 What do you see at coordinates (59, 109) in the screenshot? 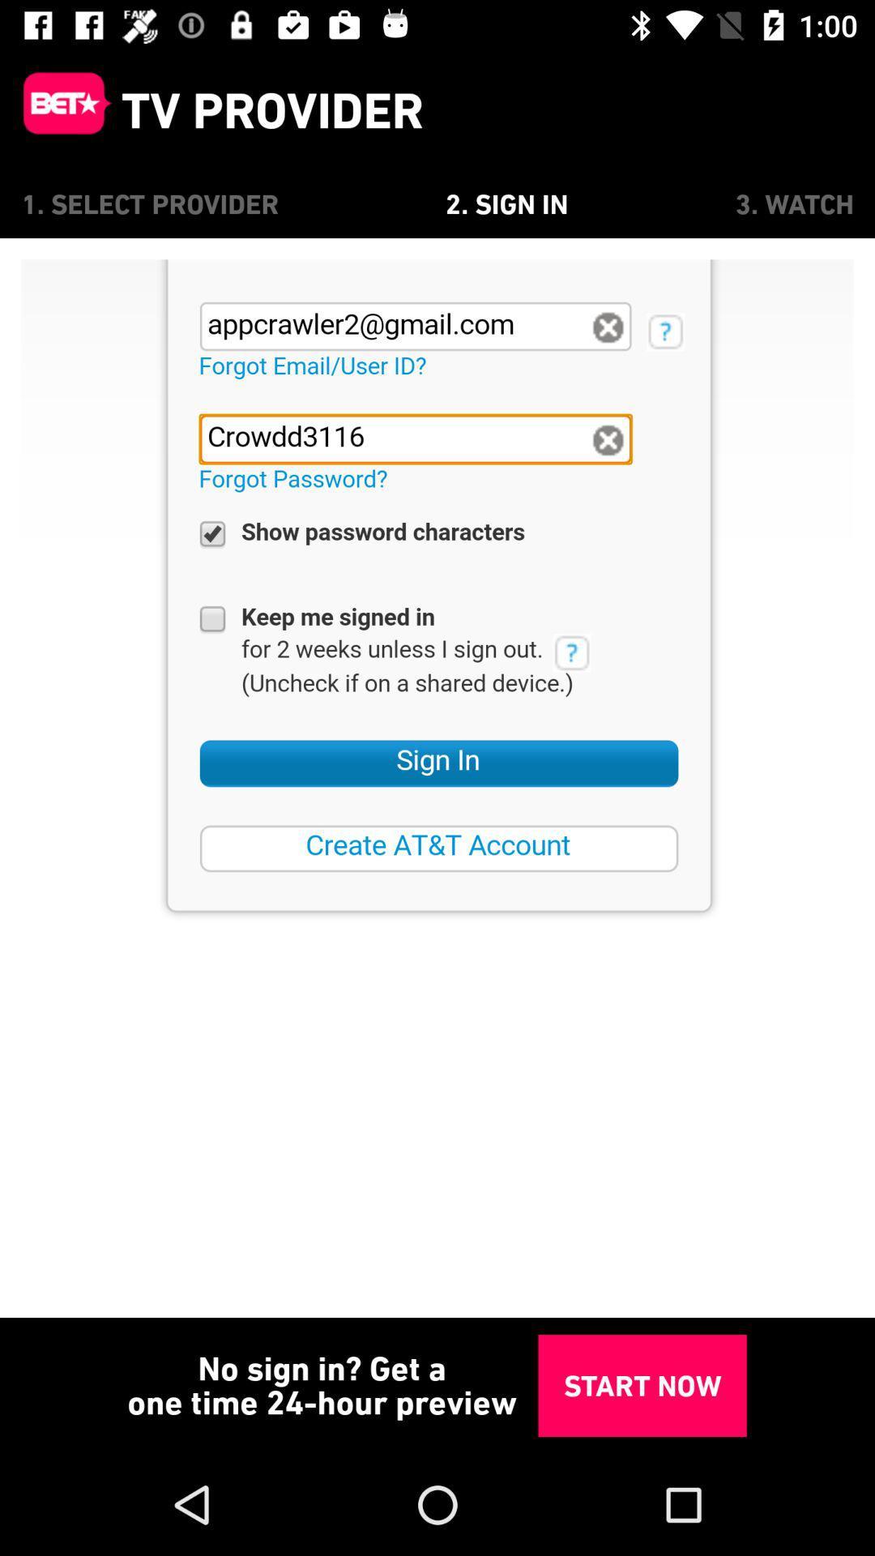
I see `home icon` at bounding box center [59, 109].